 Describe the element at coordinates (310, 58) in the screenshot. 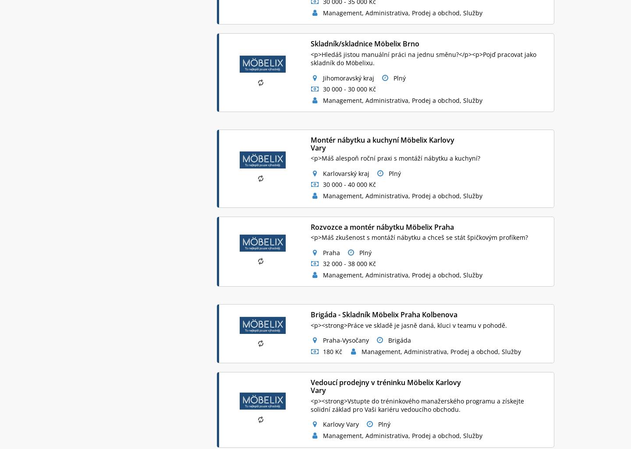

I see `'<p>Hledáš jistou manuální práci na jednu směnu?</p><p>Pojď pracovat jako skladník do Möbelixu.'` at that location.